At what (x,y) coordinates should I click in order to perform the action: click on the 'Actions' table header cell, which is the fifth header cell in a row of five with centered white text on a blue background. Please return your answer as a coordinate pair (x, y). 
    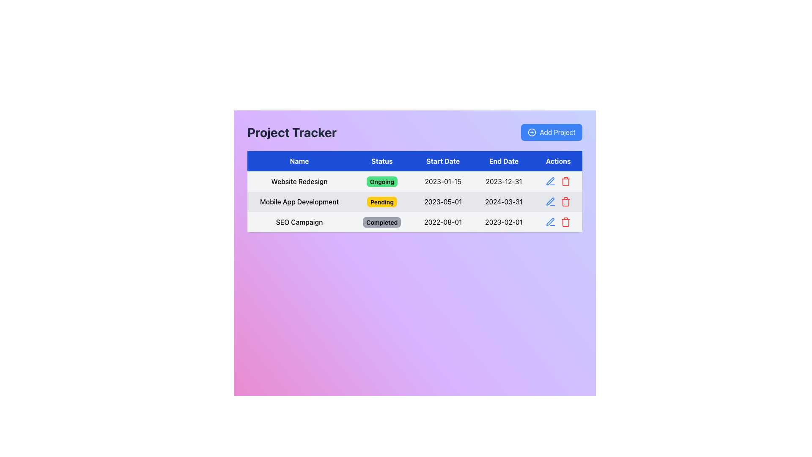
    Looking at the image, I should click on (558, 161).